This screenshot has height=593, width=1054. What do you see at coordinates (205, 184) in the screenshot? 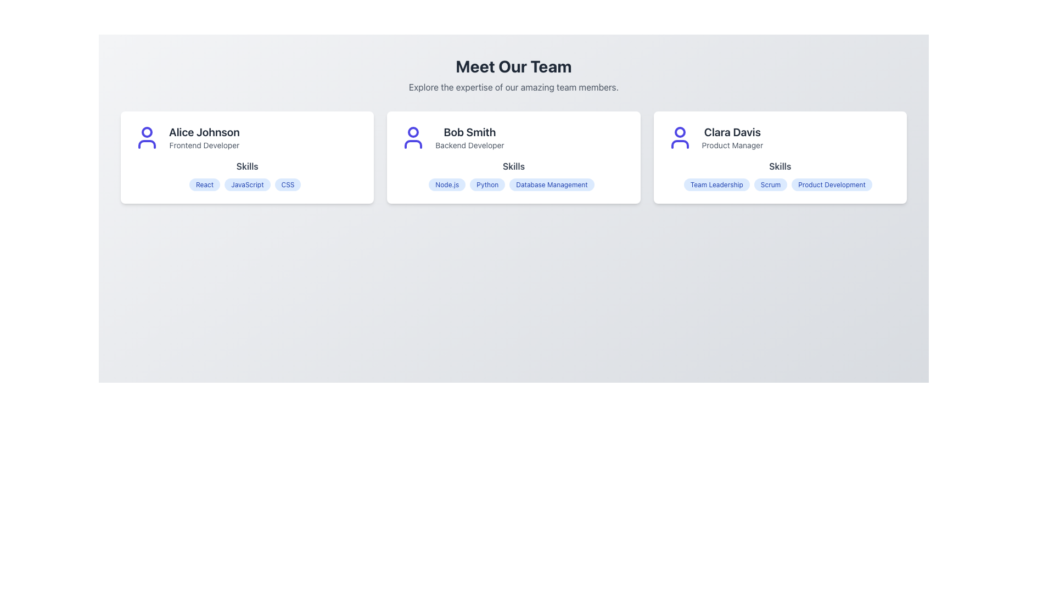
I see `the informational label indicating a skill associated with user Alice Johnson, located first under the 'Skills' section in the leftmost card` at bounding box center [205, 184].